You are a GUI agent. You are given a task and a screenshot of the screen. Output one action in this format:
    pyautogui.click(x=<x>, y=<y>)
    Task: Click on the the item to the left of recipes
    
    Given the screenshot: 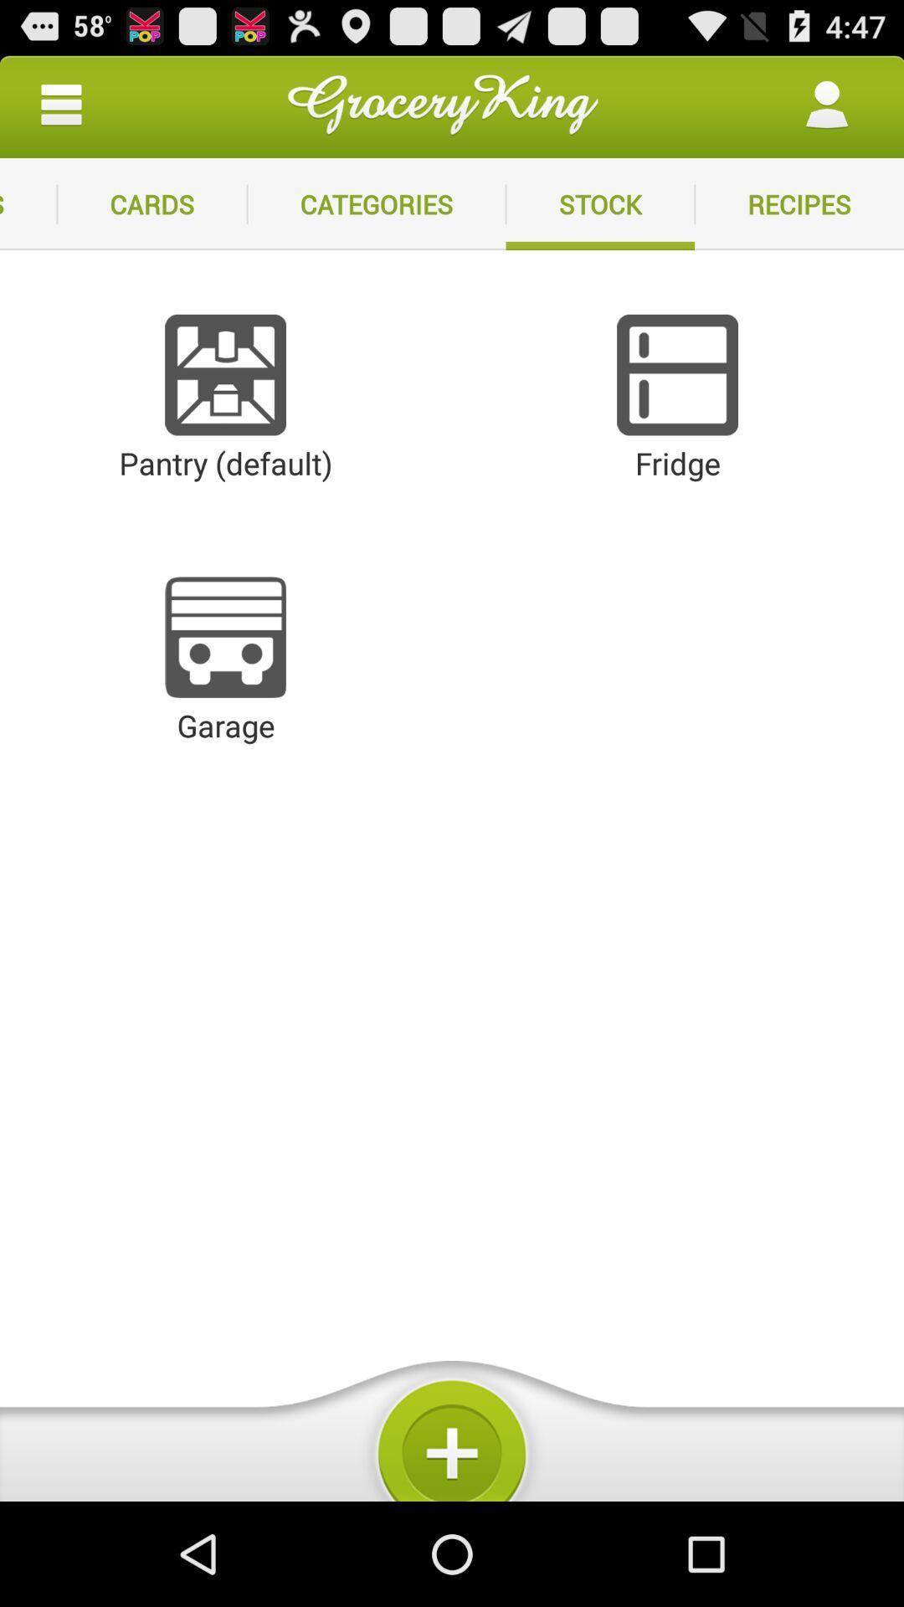 What is the action you would take?
    pyautogui.click(x=599, y=203)
    